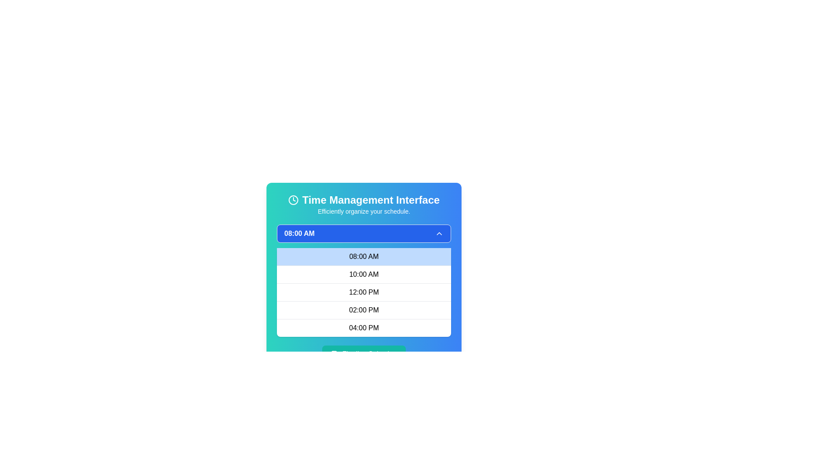  I want to click on the decorative icon that symbolizes the concept of time, located near the left side of the 'Time Management Interface' header, so click(293, 200).